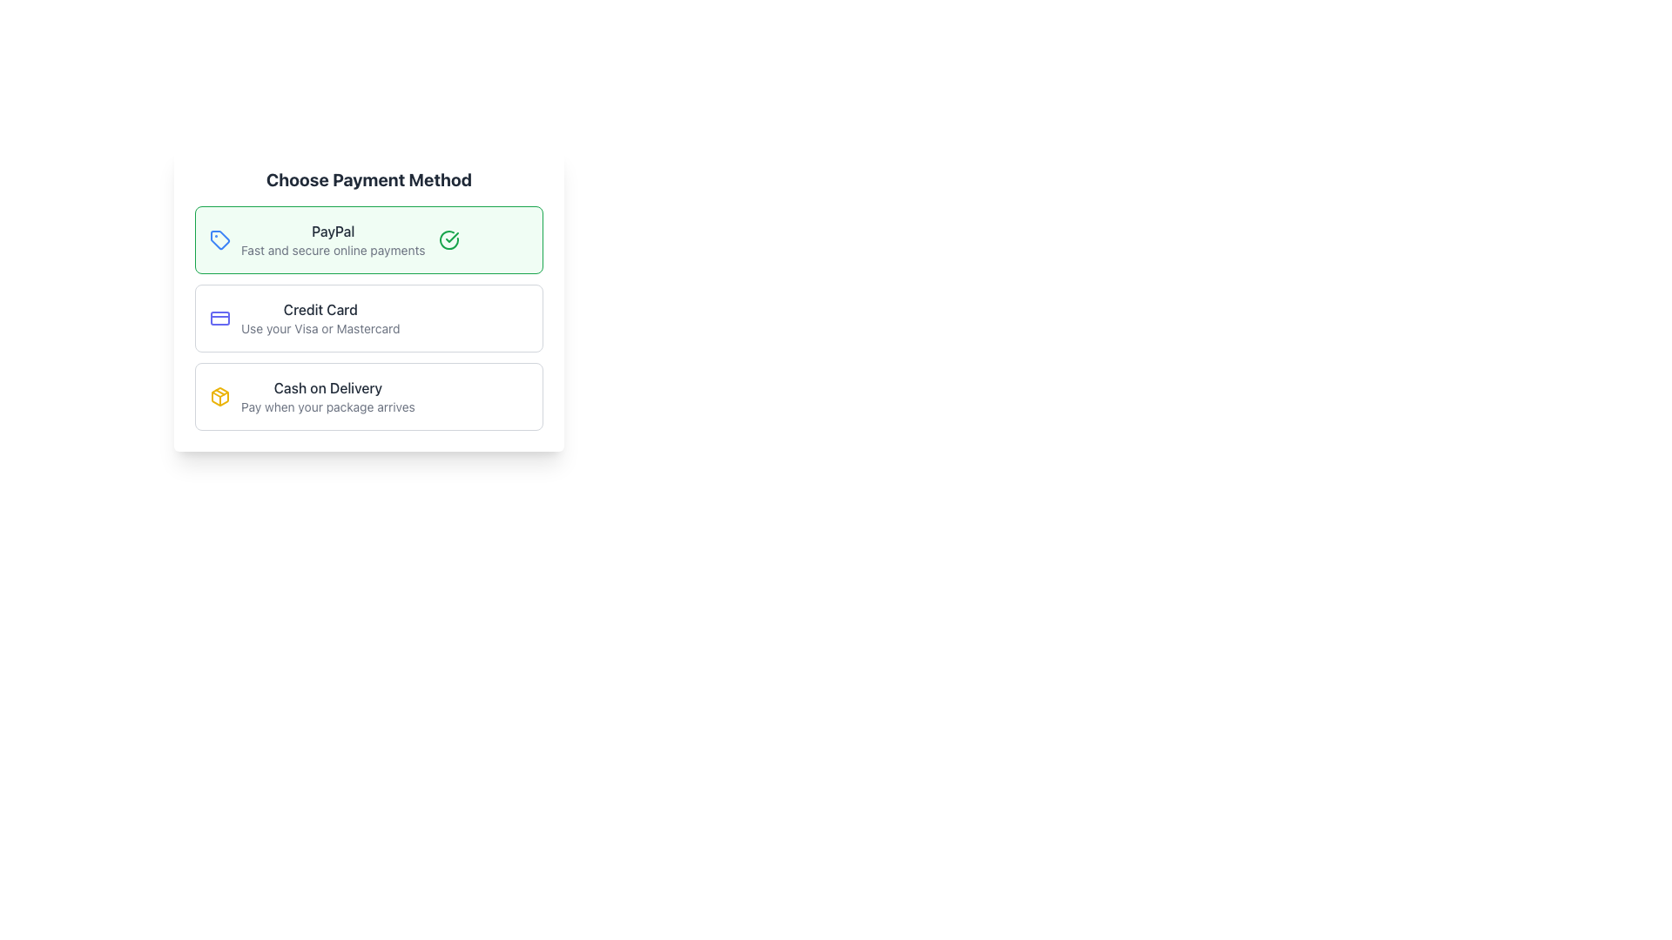  I want to click on description of the PayPal payment option, which highlights its benefits of speed and security. This description is provided in a text label located below the 'PayPal' text in the payment options list, so click(333, 251).